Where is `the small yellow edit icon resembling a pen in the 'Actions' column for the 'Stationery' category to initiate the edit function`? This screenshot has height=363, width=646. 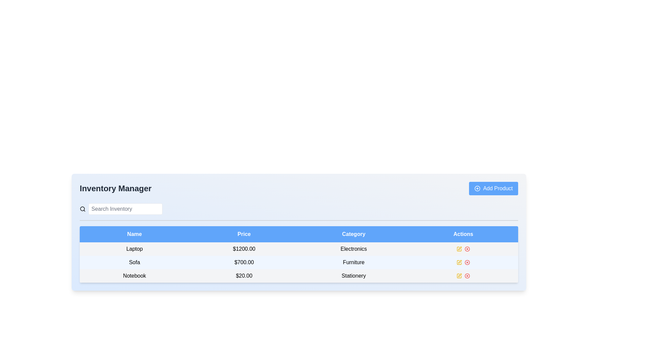
the small yellow edit icon resembling a pen in the 'Actions' column for the 'Stationery' category to initiate the edit function is located at coordinates (459, 276).